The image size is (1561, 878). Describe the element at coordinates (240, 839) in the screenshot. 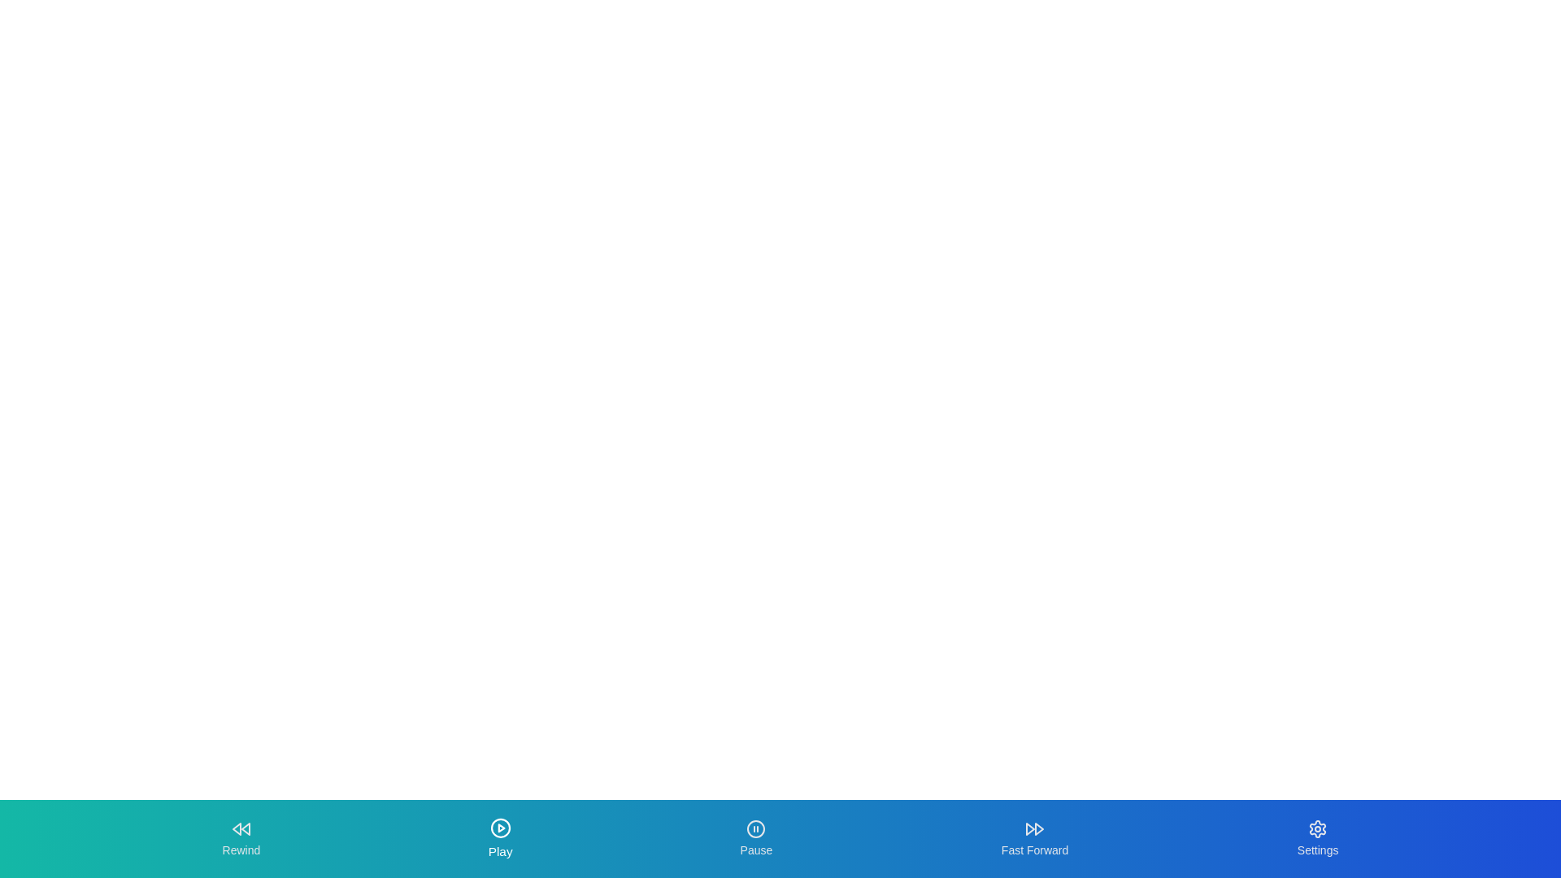

I see `the Rewind tab by clicking its button` at that location.